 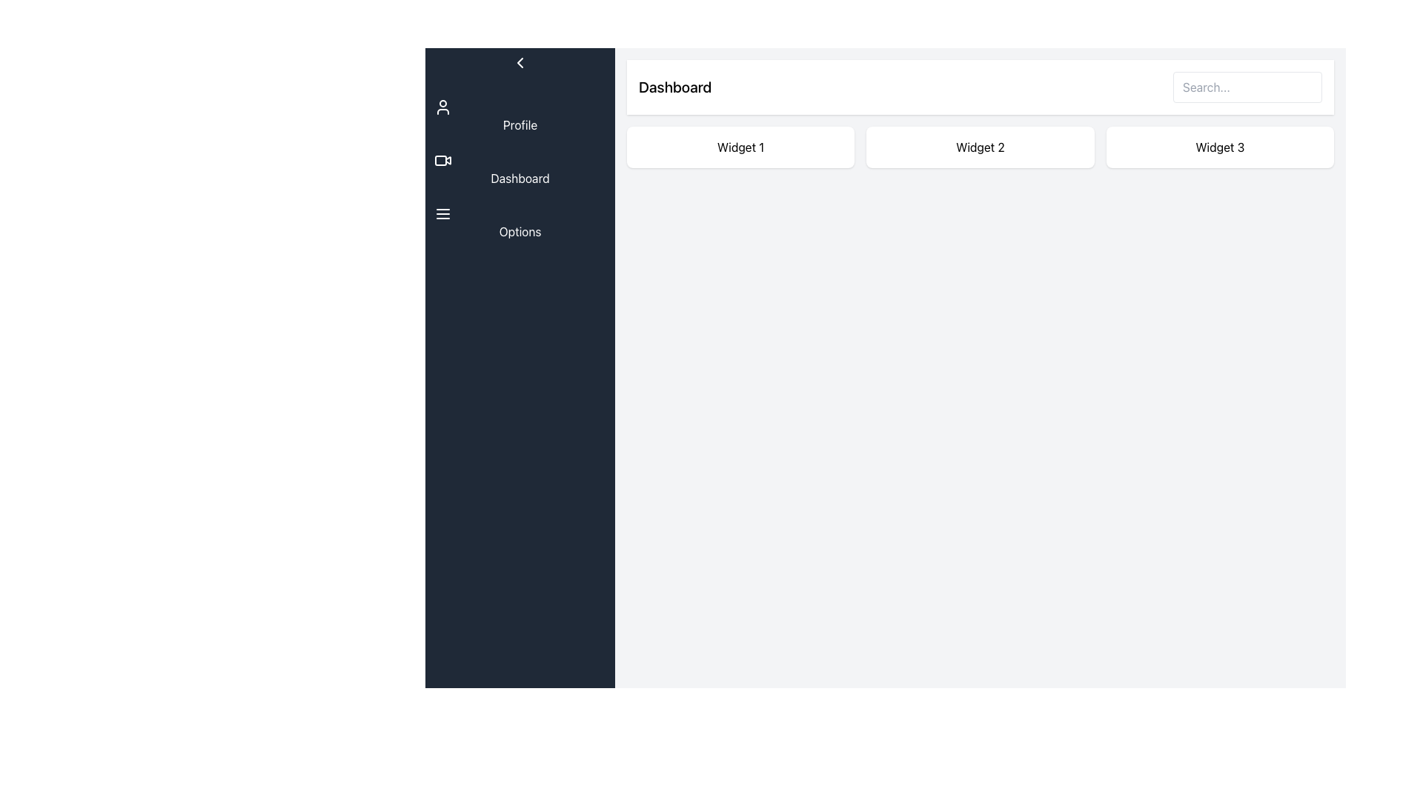 What do you see at coordinates (520, 124) in the screenshot?
I see `the 'Profile' text label in the sidebar menu` at bounding box center [520, 124].